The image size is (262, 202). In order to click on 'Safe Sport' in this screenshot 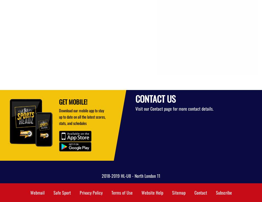, I will do `click(62, 193)`.